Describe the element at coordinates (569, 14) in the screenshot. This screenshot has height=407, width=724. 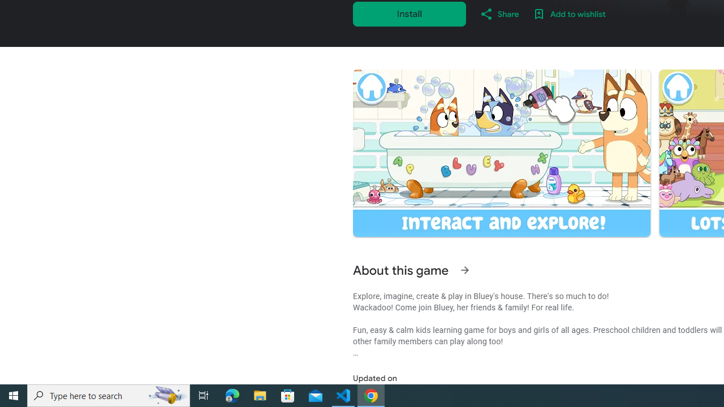
I see `'Add to wishlist'` at that location.